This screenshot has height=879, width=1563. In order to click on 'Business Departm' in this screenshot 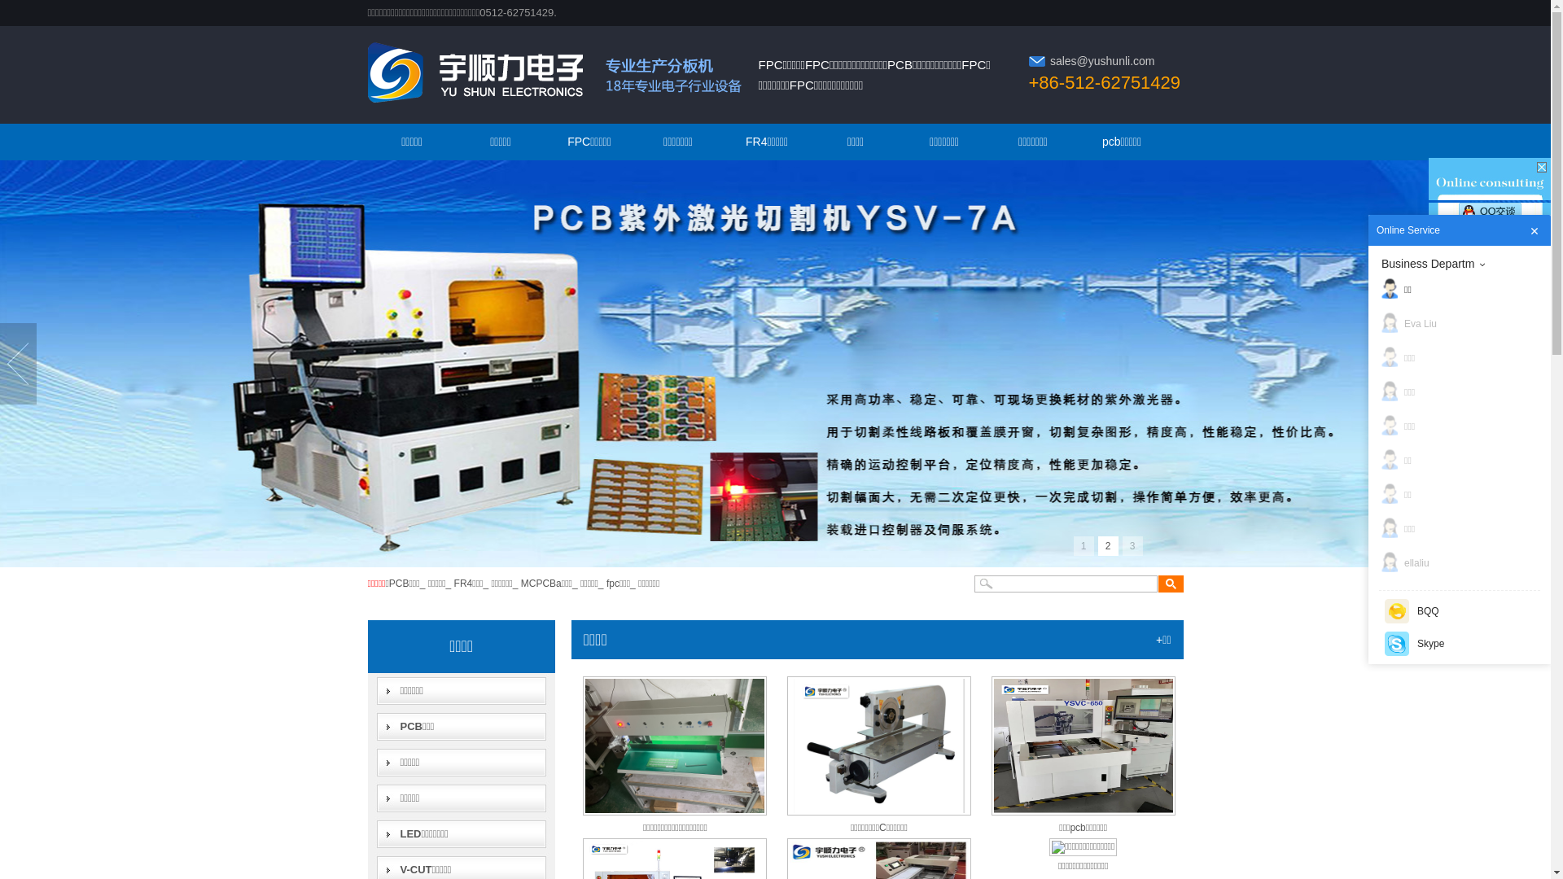, I will do `click(1464, 263)`.